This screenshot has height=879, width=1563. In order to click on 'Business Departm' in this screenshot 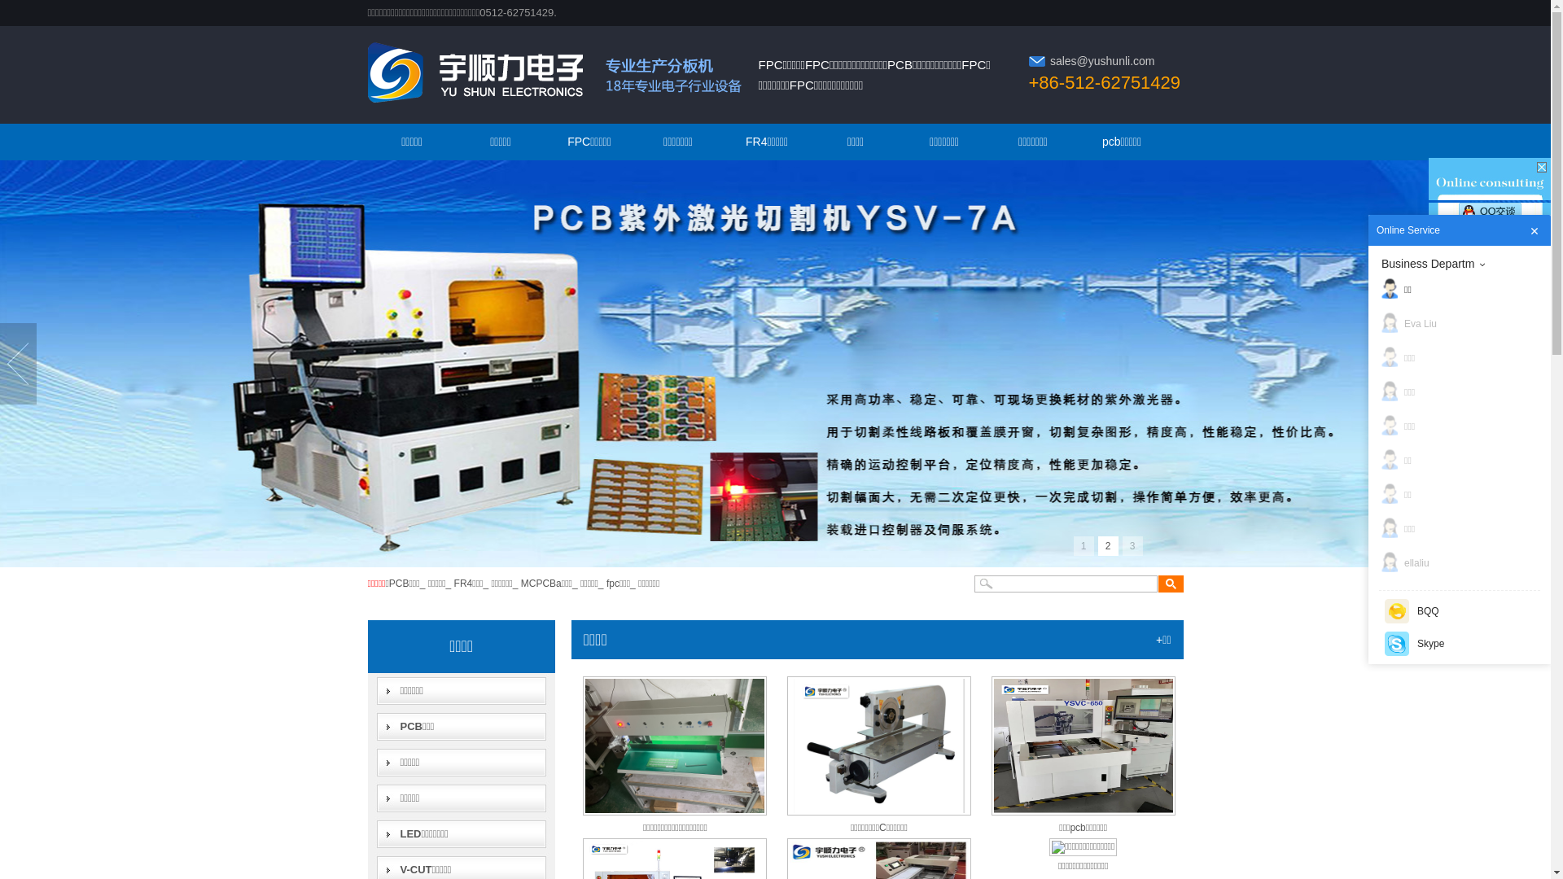, I will do `click(1464, 263)`.